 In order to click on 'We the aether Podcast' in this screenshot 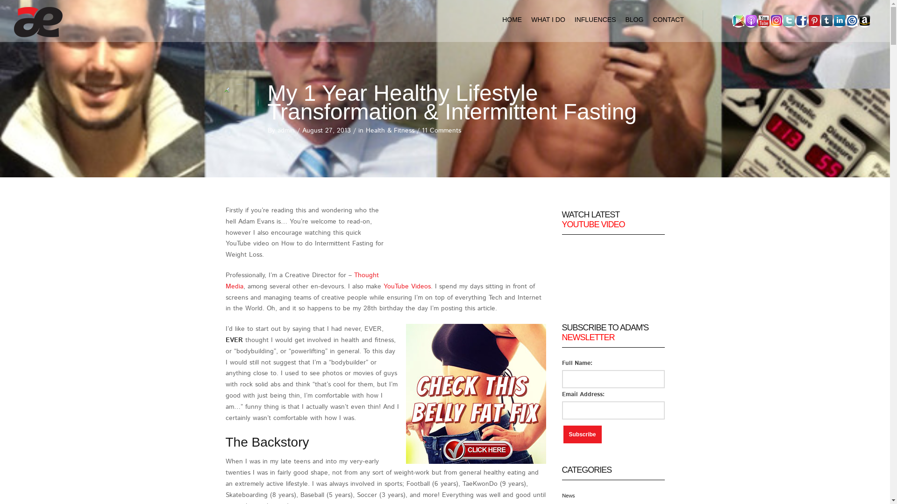, I will do `click(751, 21)`.